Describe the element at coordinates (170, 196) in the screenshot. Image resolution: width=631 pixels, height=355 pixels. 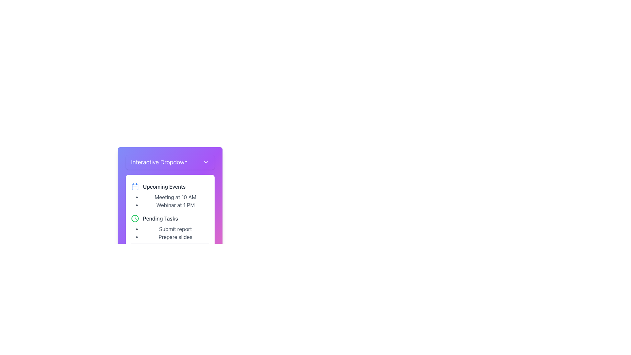
I see `text displayed in the 'Upcoming Events' section, which includes the header and two bullet points about upcoming meetings and webinars` at that location.